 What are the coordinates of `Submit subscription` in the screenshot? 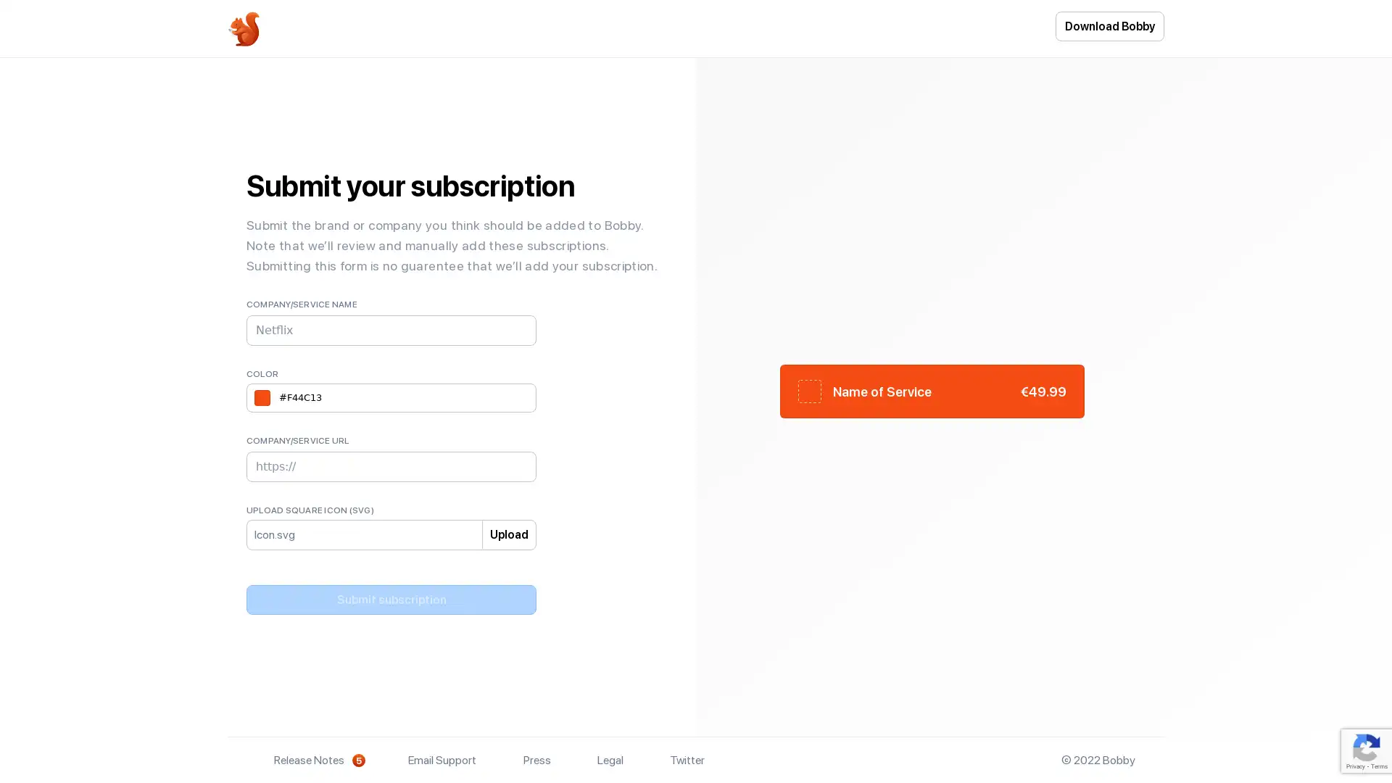 It's located at (391, 599).